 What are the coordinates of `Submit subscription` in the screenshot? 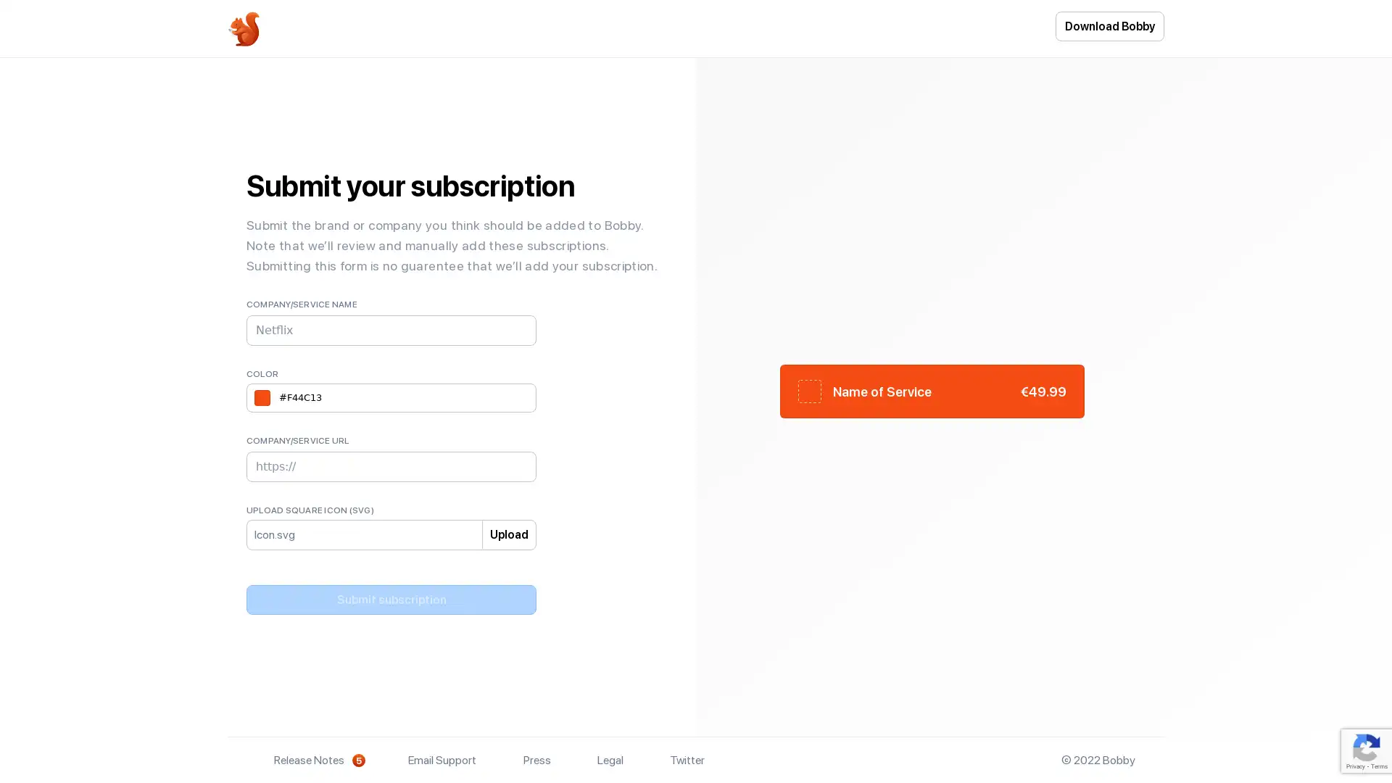 It's located at (391, 599).